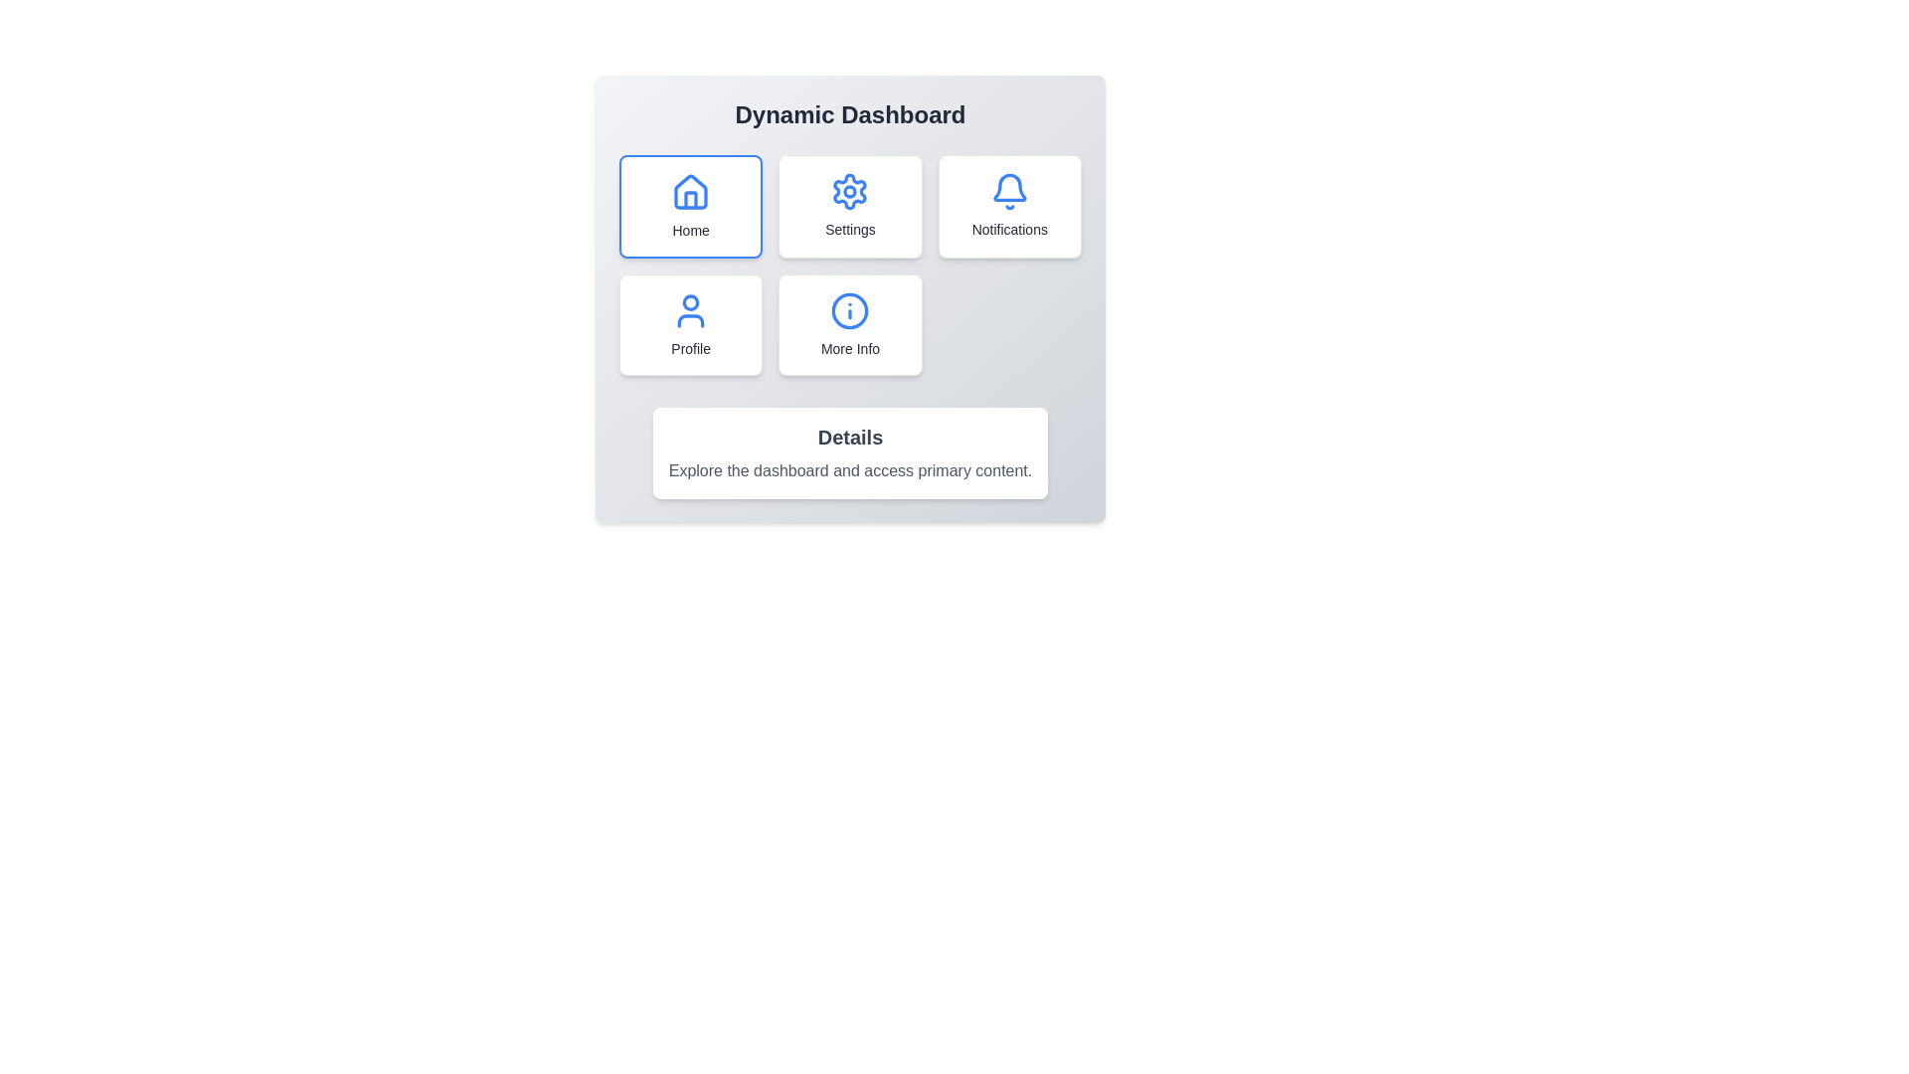 The width and height of the screenshot is (1909, 1074). Describe the element at coordinates (850, 191) in the screenshot. I see `the blue gear icon located at the upper portion of the 'Settings' card` at that location.